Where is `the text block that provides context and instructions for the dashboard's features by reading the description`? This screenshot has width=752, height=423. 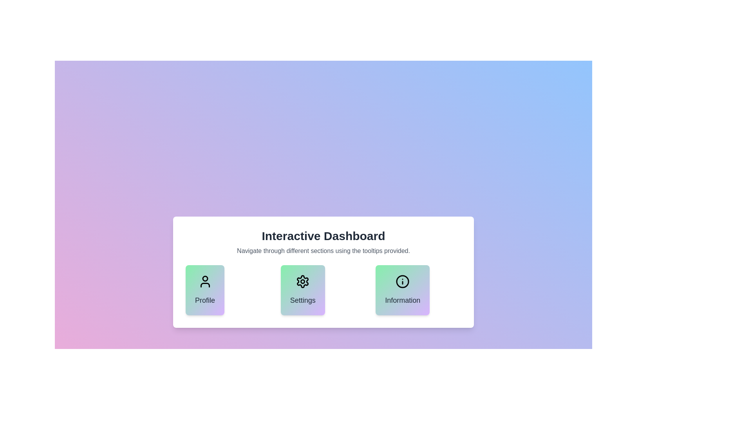 the text block that provides context and instructions for the dashboard's features by reading the description is located at coordinates (323, 242).